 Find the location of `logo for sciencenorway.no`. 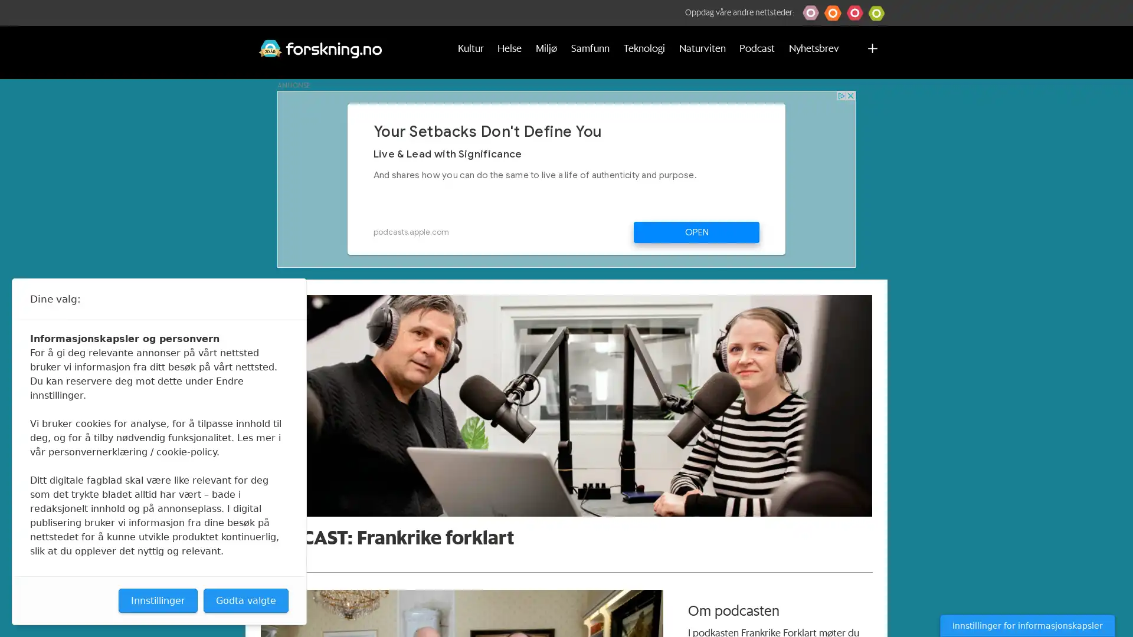

logo for sciencenorway.no is located at coordinates (854, 13).